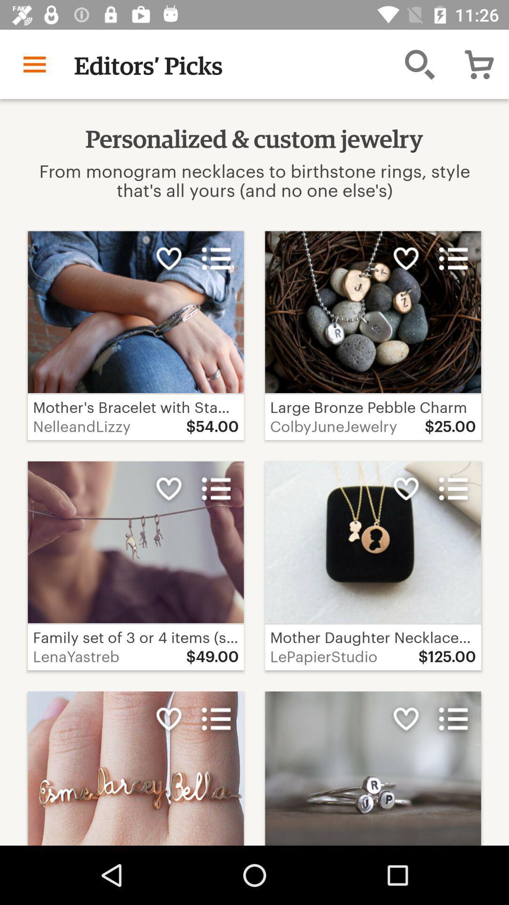 This screenshot has width=509, height=905. Describe the element at coordinates (136, 566) in the screenshot. I see `first image in second row from left side` at that location.